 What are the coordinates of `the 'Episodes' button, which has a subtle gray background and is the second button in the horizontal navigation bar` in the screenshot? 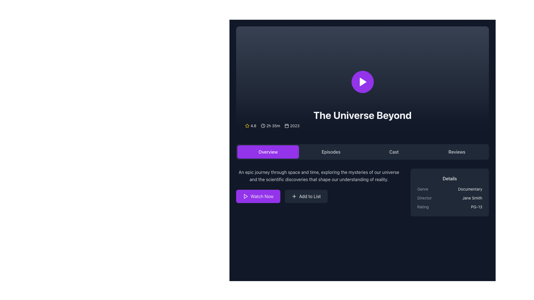 It's located at (331, 152).